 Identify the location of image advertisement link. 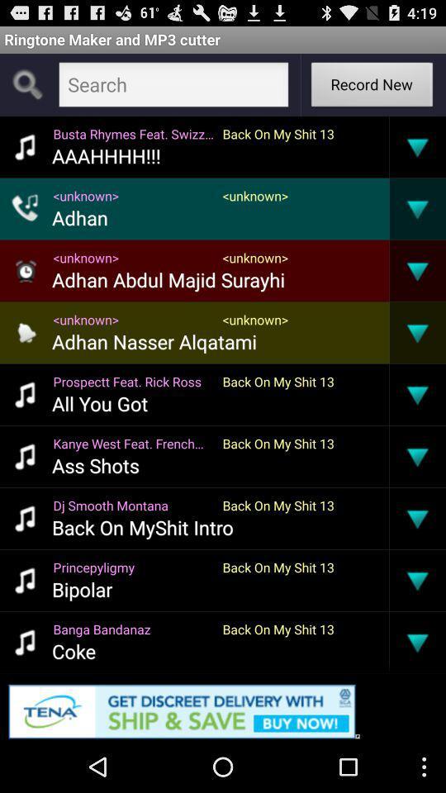
(223, 707).